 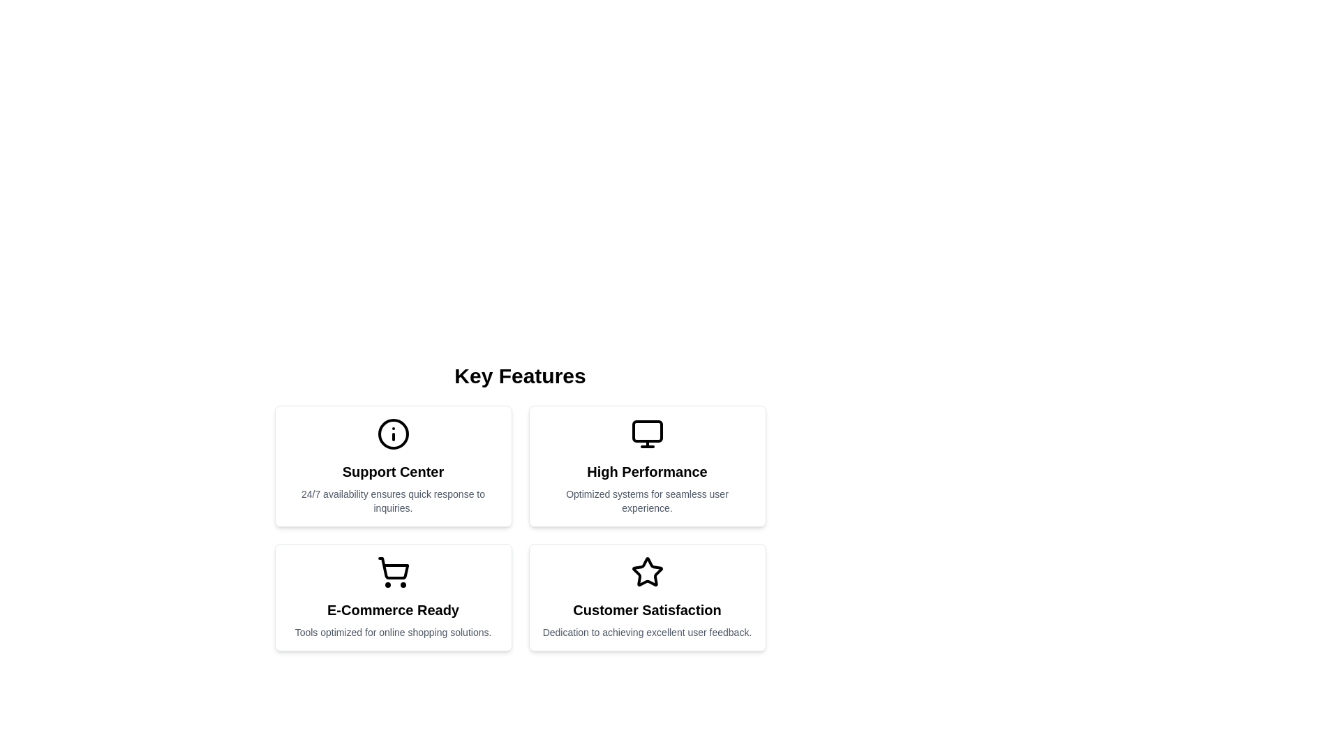 I want to click on the Text Label that serves as the title for the feature card conveying 'High Performance', located at the center of the second card in a 2x2 grid, so click(x=646, y=471).